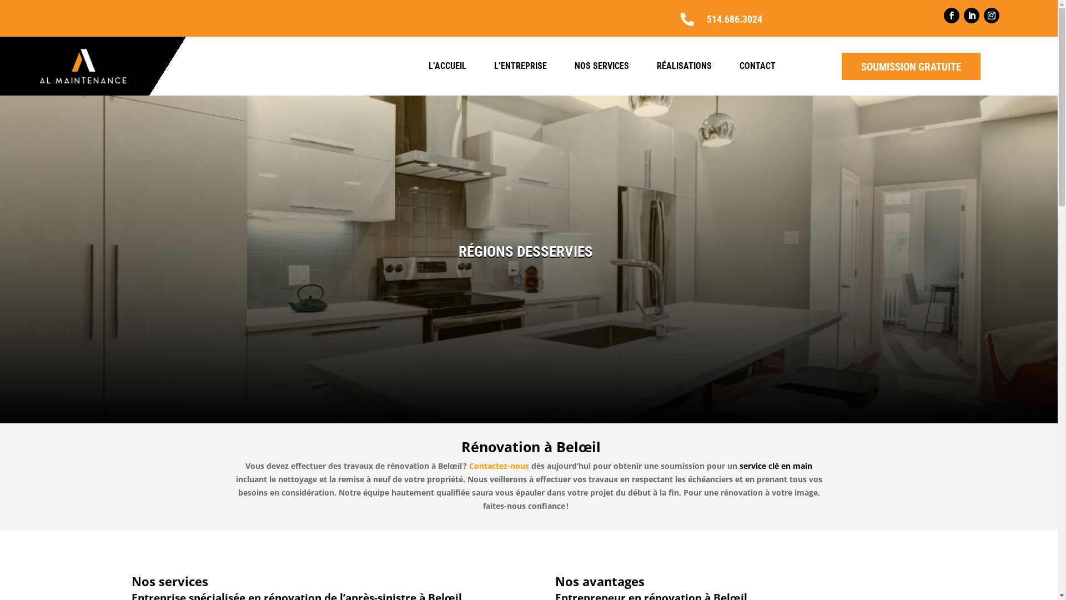  I want to click on 'Suivez sur Facebook', so click(943, 15).